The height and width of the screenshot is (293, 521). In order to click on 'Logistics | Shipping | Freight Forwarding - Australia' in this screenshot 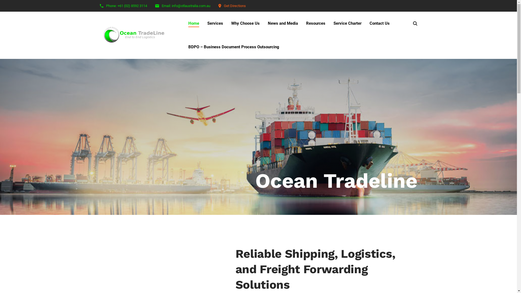, I will do `click(136, 35)`.